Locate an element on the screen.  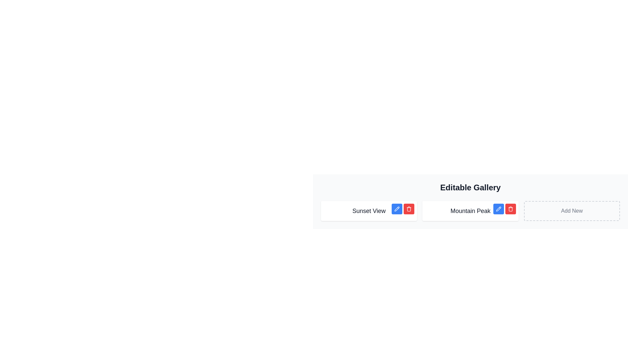
the red trash button in the button group adjacent to the 'Sunset View' label is located at coordinates (403, 209).